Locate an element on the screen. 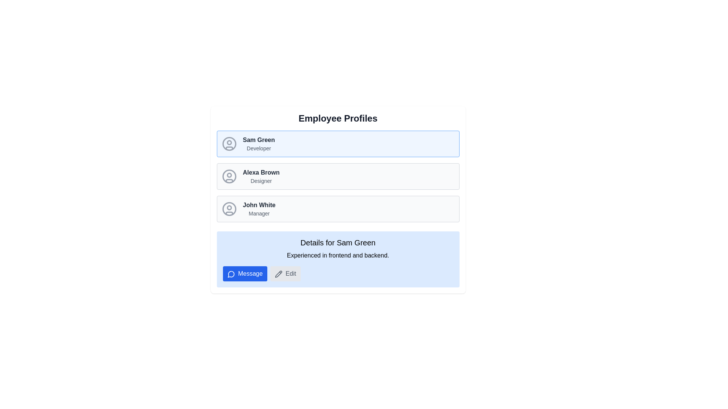 This screenshot has width=728, height=409. the heading element that introduces the content about 'Sam Green', located at the top of the blue-colored section in the lower half of the interface is located at coordinates (337, 242).